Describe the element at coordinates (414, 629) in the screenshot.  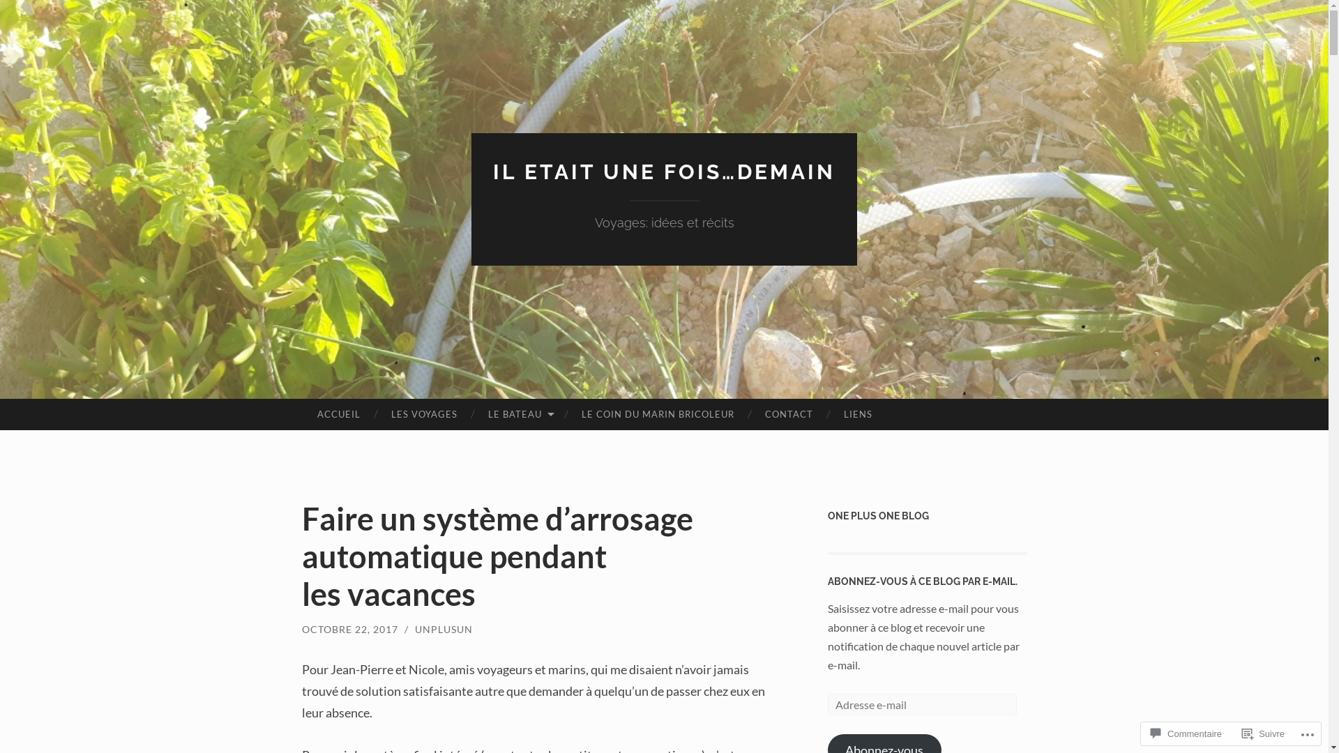
I see `'UNPLUSUN'` at that location.